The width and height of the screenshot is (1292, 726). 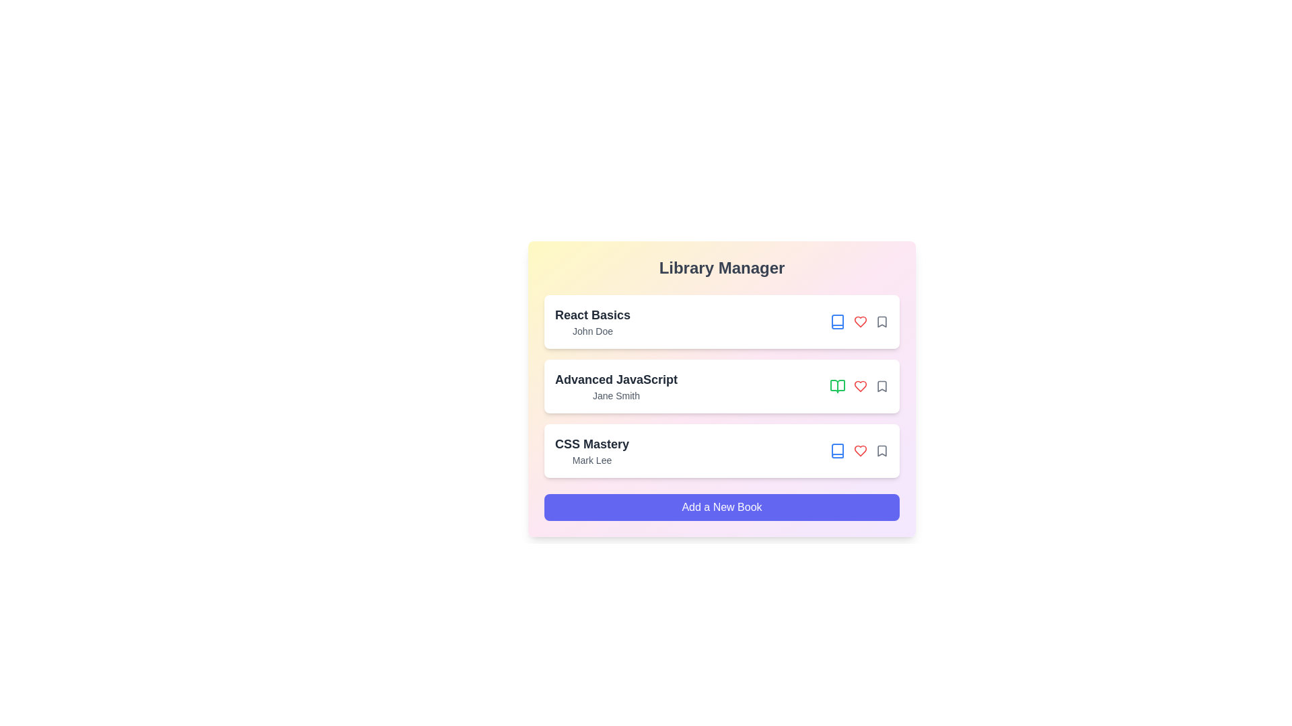 What do you see at coordinates (721, 508) in the screenshot?
I see `the 'Add a New Book' button` at bounding box center [721, 508].